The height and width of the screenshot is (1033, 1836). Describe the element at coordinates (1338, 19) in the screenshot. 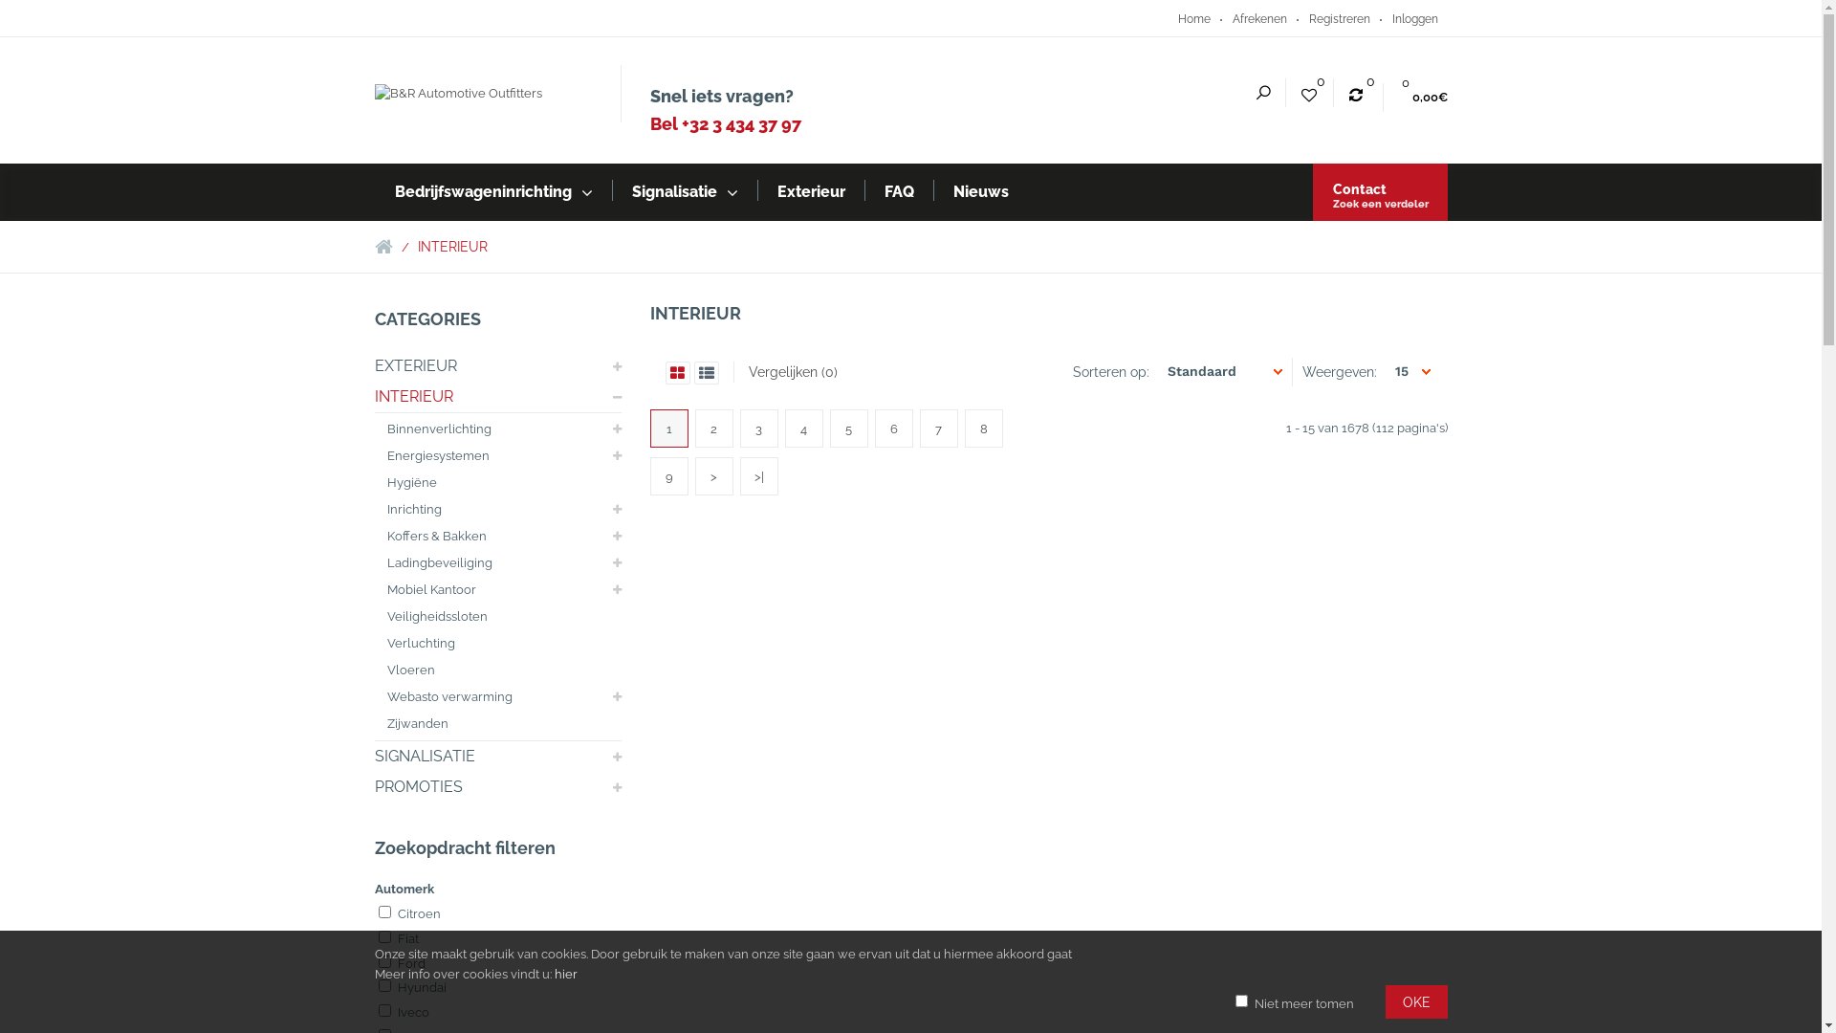

I see `'Registreren'` at that location.